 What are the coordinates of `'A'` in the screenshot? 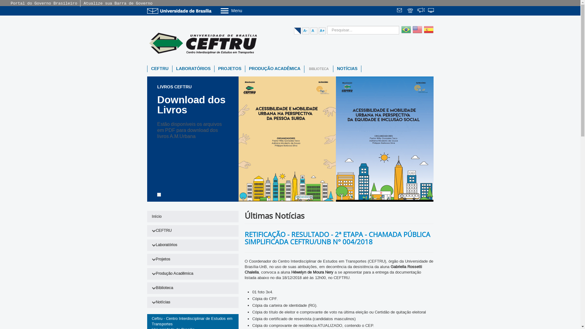 It's located at (314, 31).